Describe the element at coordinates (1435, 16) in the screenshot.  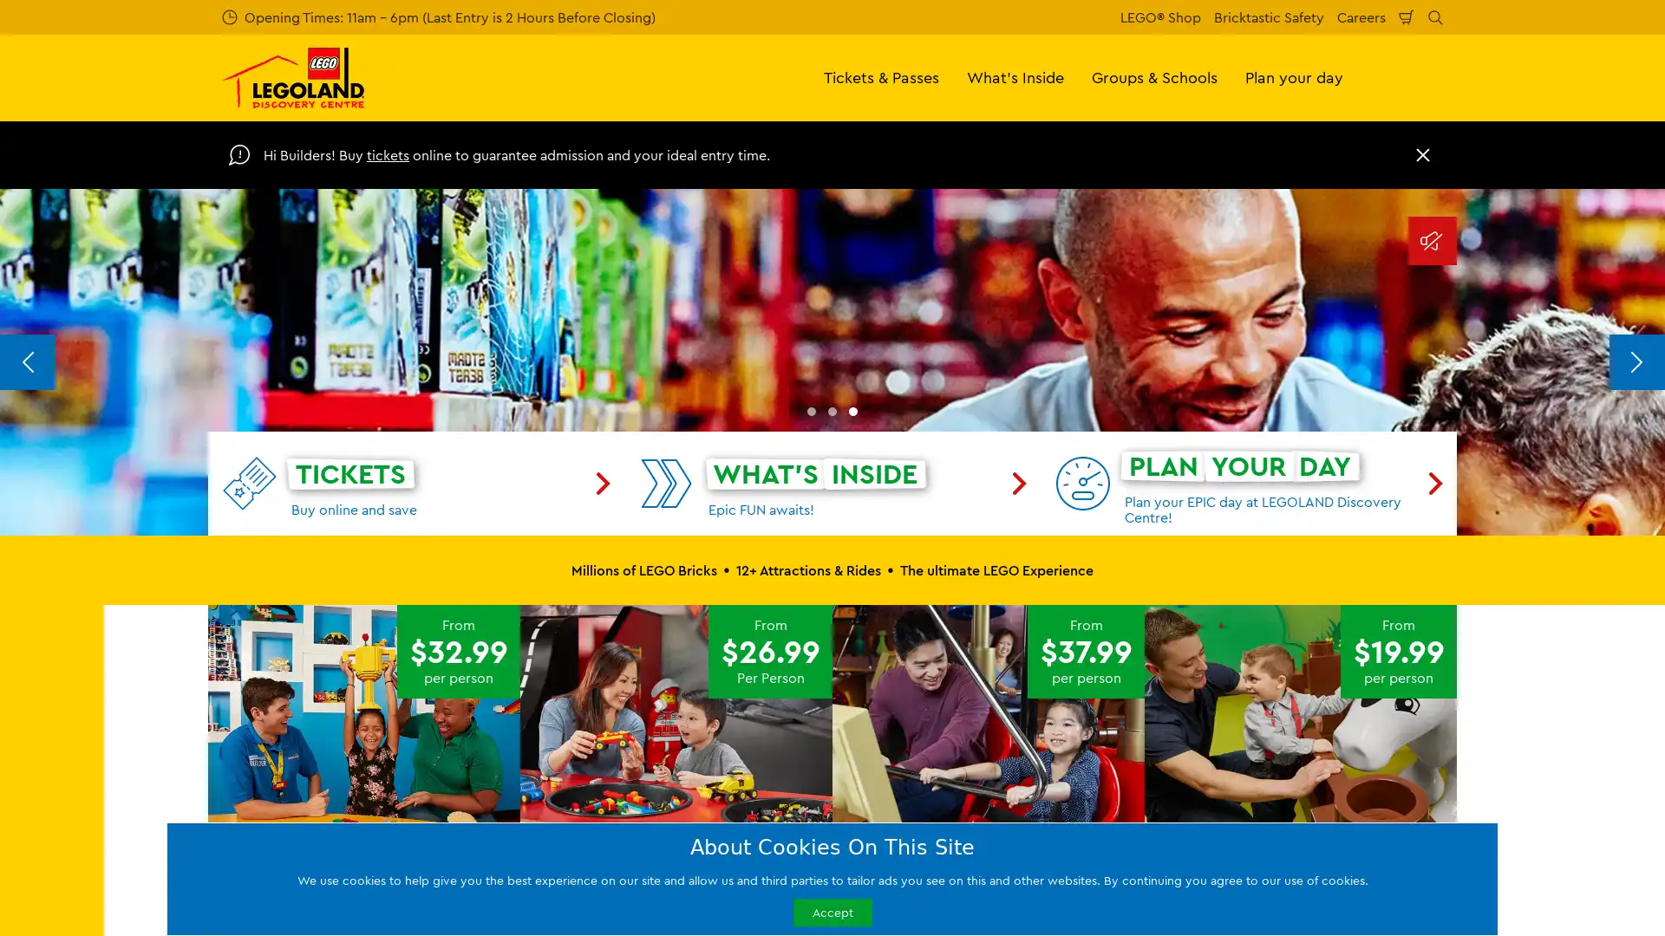
I see `Search` at that location.